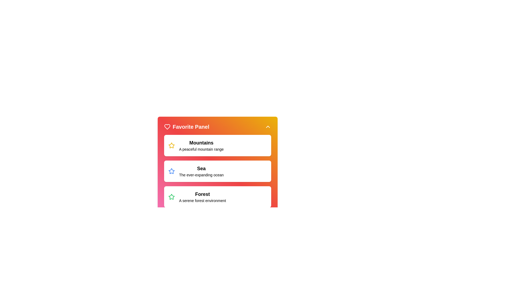 Image resolution: width=514 pixels, height=289 pixels. I want to click on title 'Forest' and the description 'A serene forest environment' from the text element located in the third card of the 'Favorite Panel' interface, which features a green star icon to the left, so click(202, 197).